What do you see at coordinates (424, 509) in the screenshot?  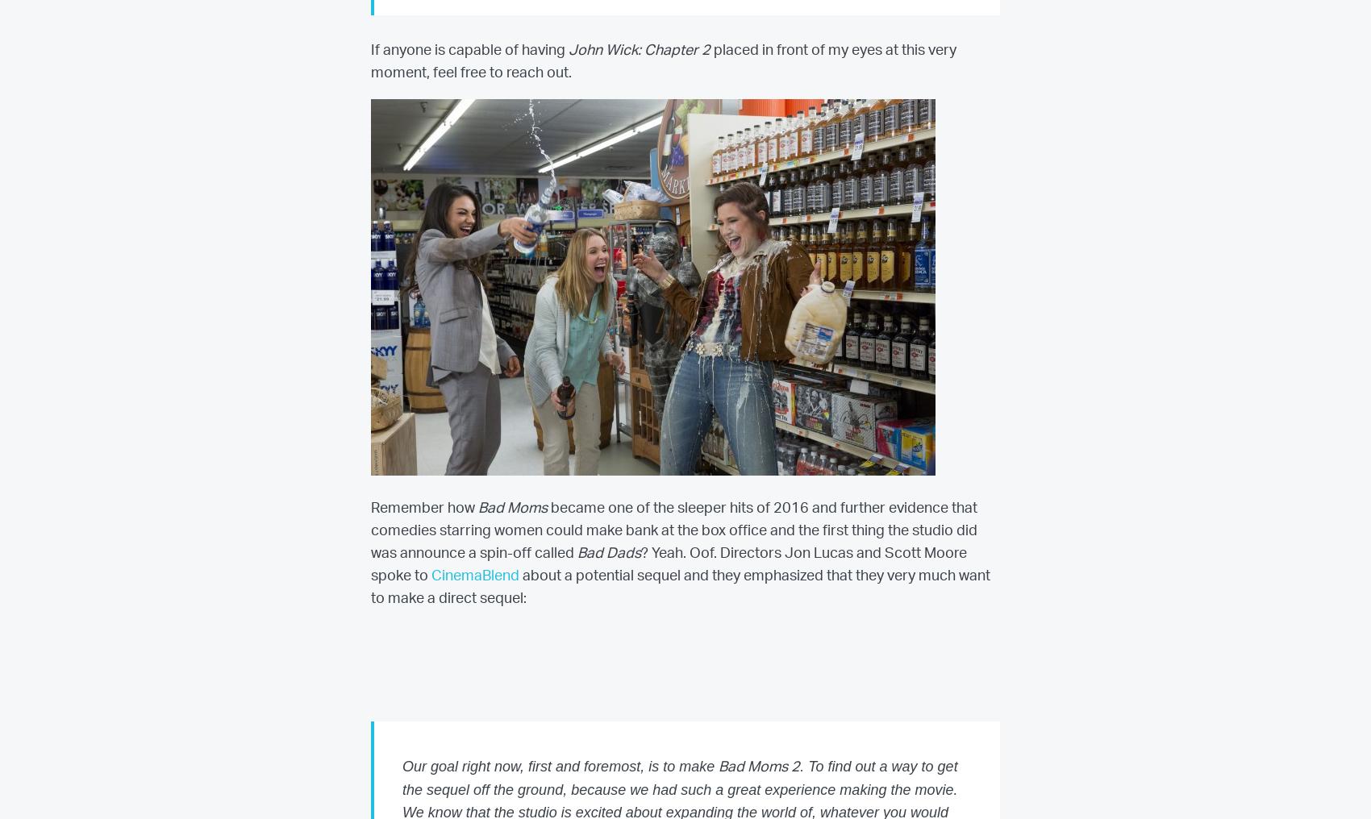 I see `'Remember how'` at bounding box center [424, 509].